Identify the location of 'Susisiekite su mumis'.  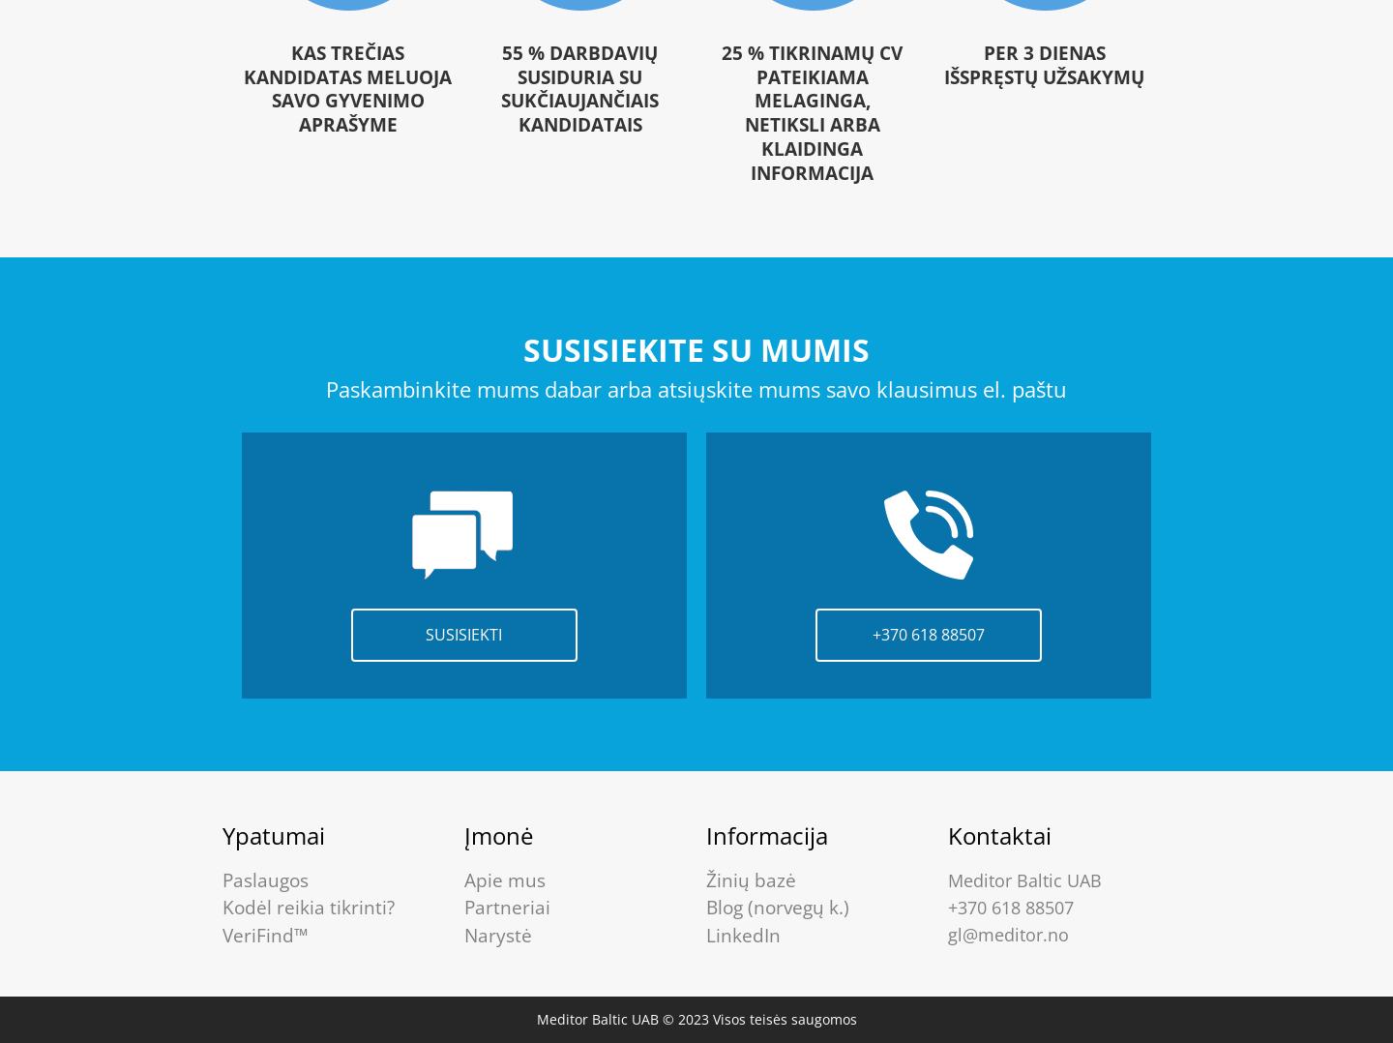
(696, 349).